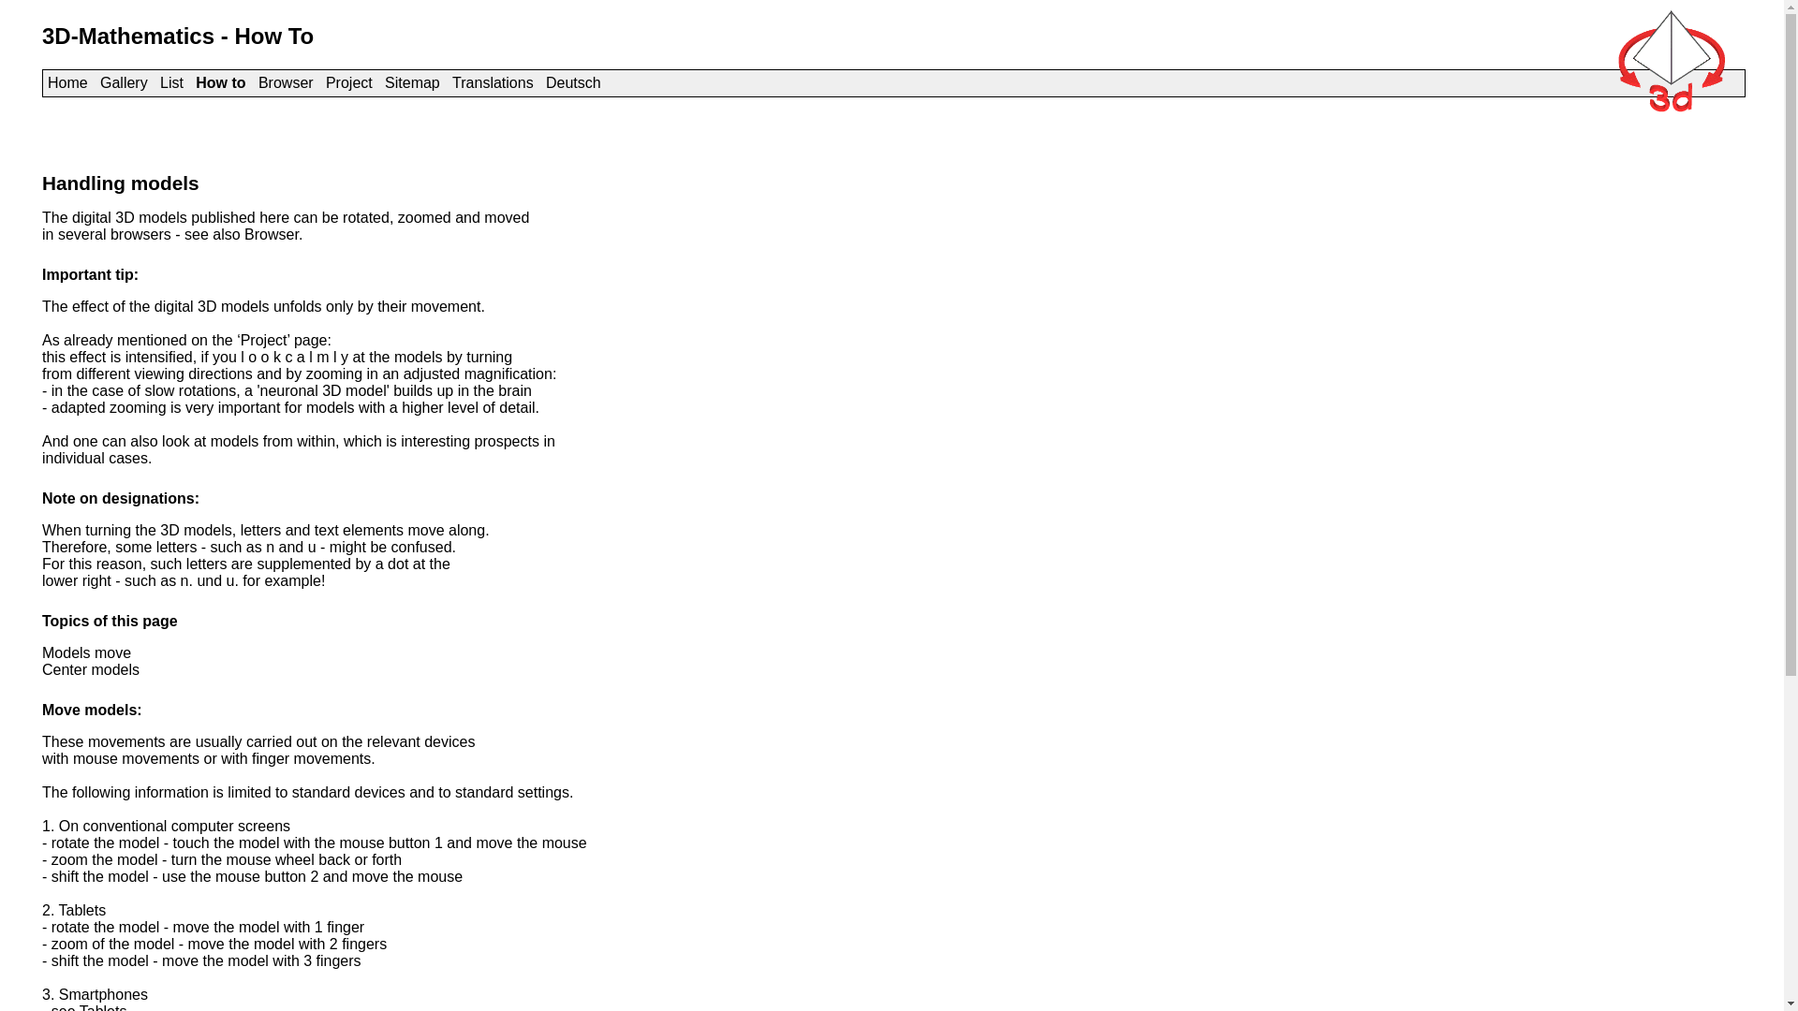 This screenshot has height=1011, width=1798. I want to click on 'Project', so click(349, 81).